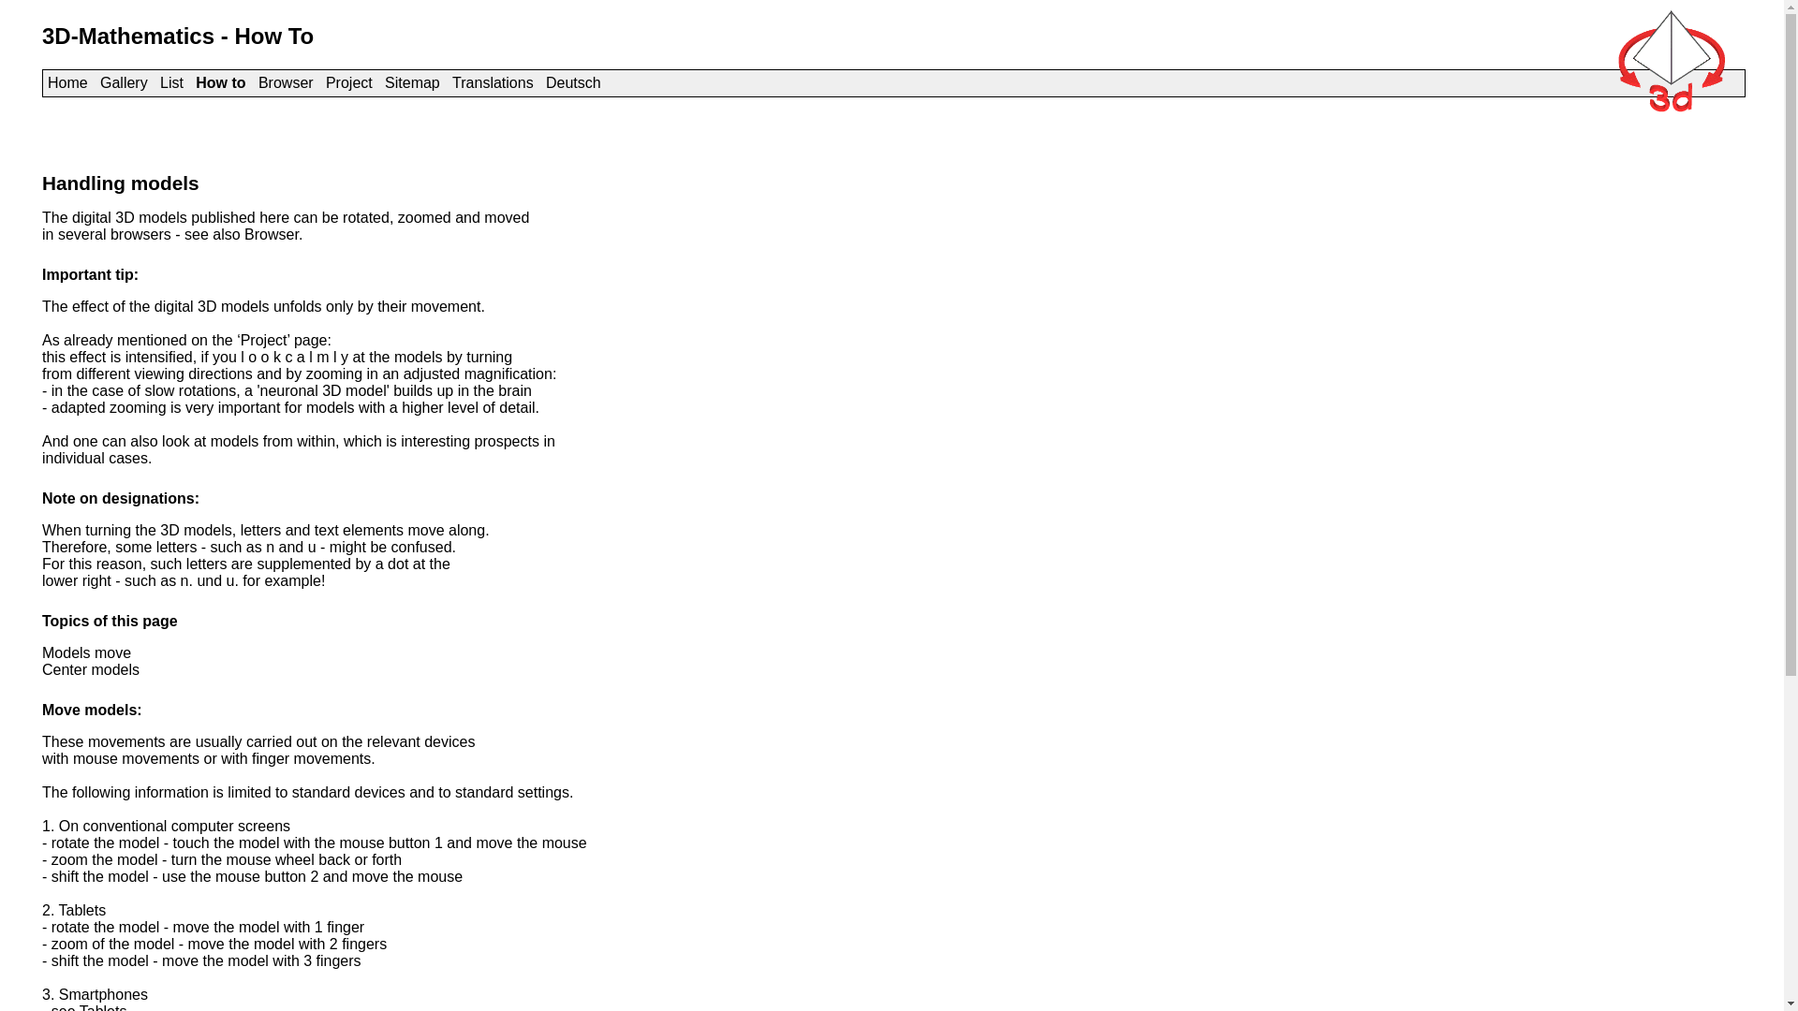 This screenshot has height=1011, width=1798. I want to click on 'Project', so click(349, 81).